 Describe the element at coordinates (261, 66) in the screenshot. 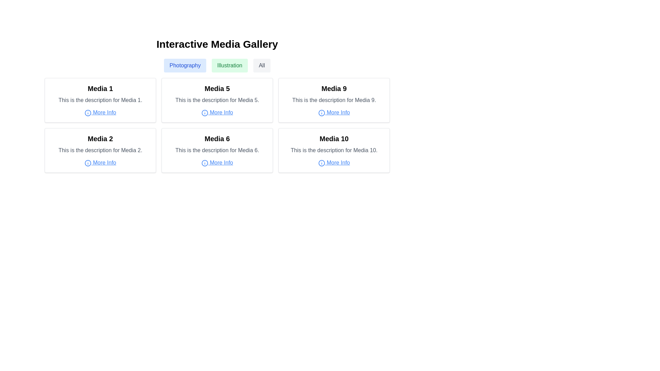

I see `the third button in the horizontal trio of navigation buttons below the title 'Interactive Media Gallery'` at that location.